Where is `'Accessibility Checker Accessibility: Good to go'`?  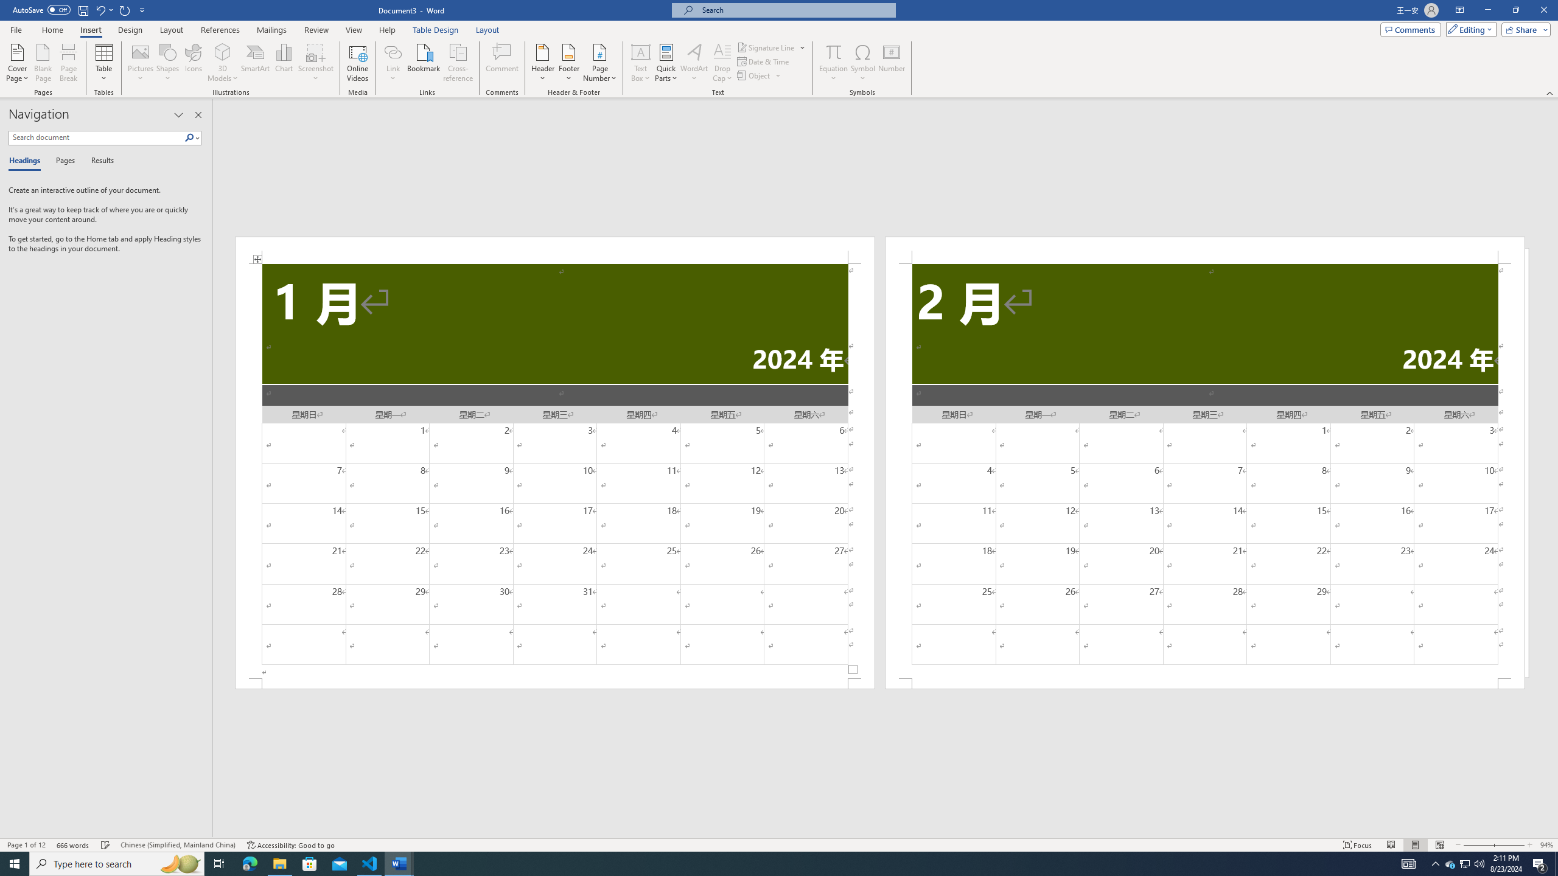 'Accessibility Checker Accessibility: Good to go' is located at coordinates (290, 845).